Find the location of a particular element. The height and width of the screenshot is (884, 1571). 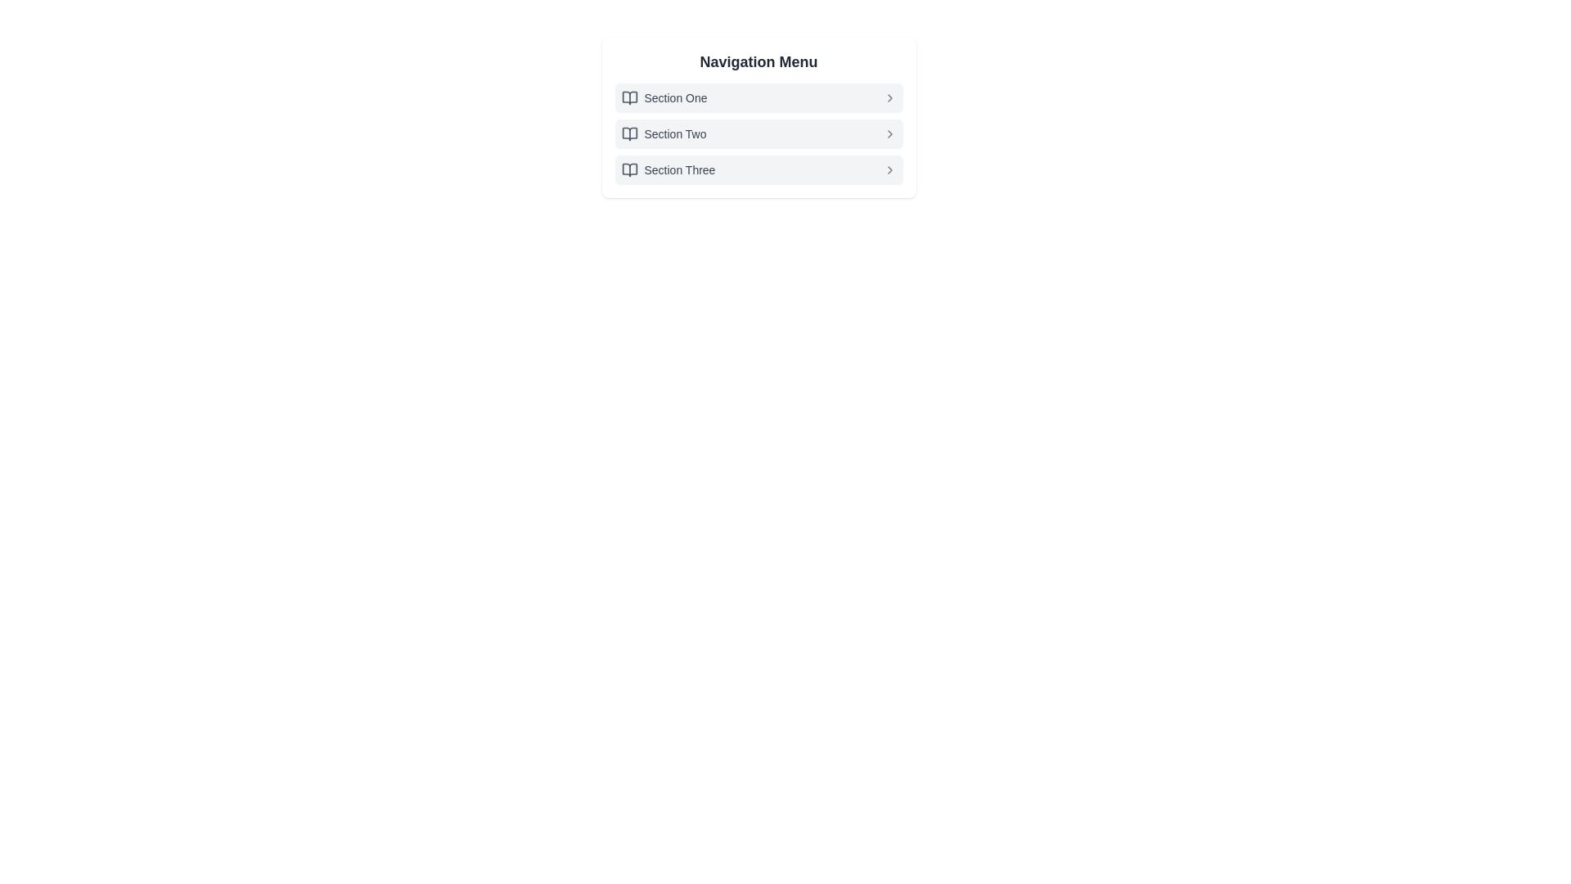

the navigation link labeled 'Section One' is located at coordinates (675, 97).